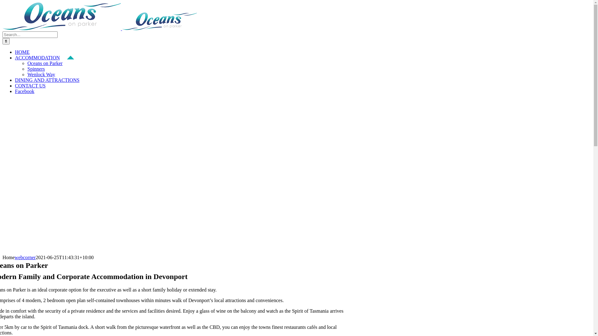 Image resolution: width=598 pixels, height=336 pixels. What do you see at coordinates (15, 86) in the screenshot?
I see `'CONTACT US'` at bounding box center [15, 86].